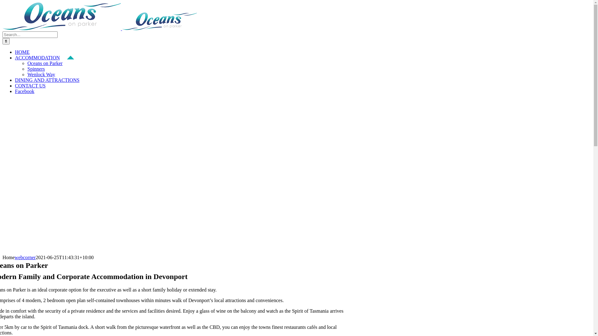 Image resolution: width=598 pixels, height=336 pixels. What do you see at coordinates (15, 86) in the screenshot?
I see `'CONTACT US'` at bounding box center [15, 86].